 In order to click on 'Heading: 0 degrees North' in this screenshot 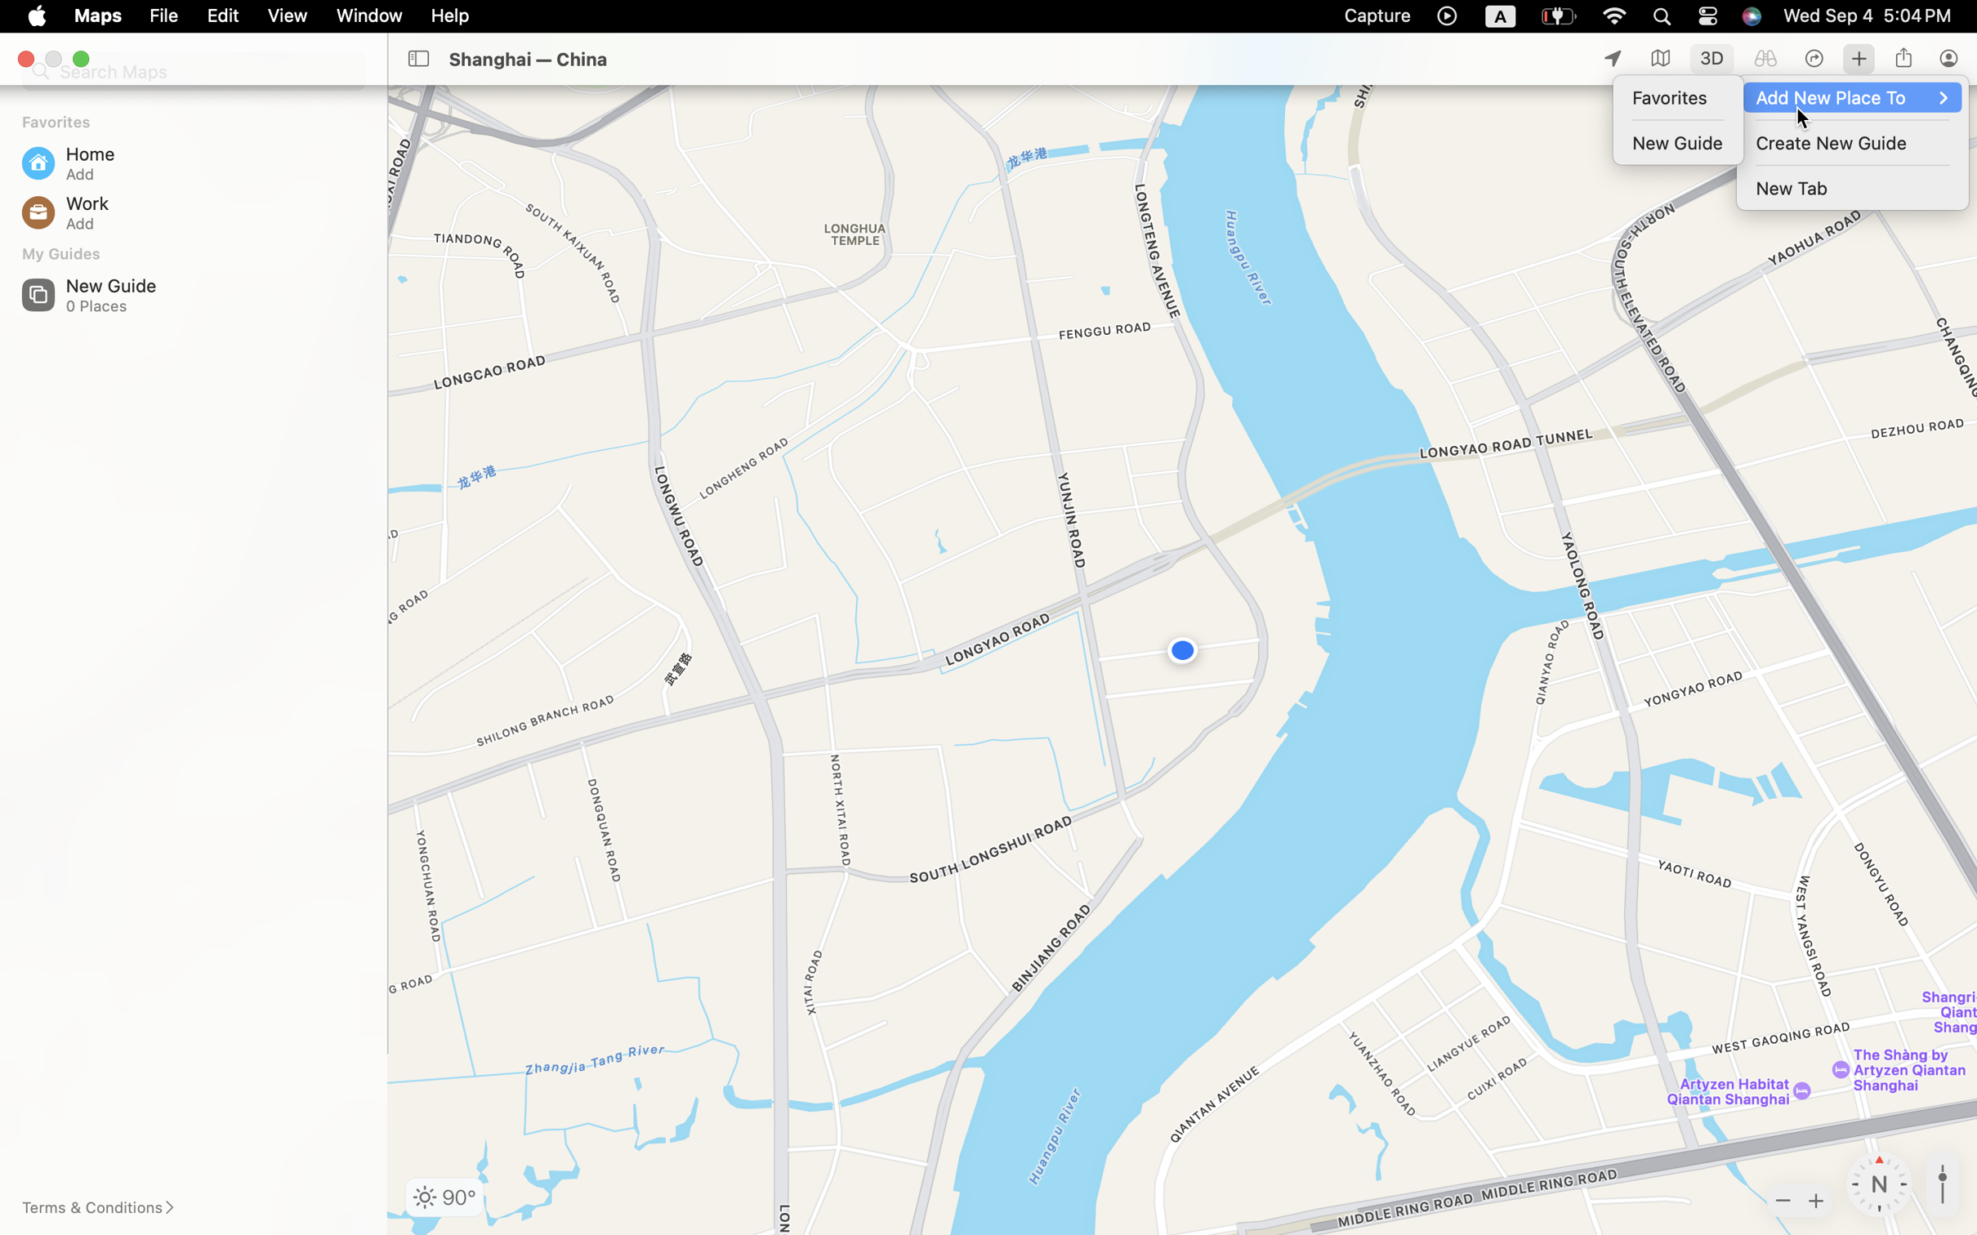, I will do `click(1880, 1184)`.